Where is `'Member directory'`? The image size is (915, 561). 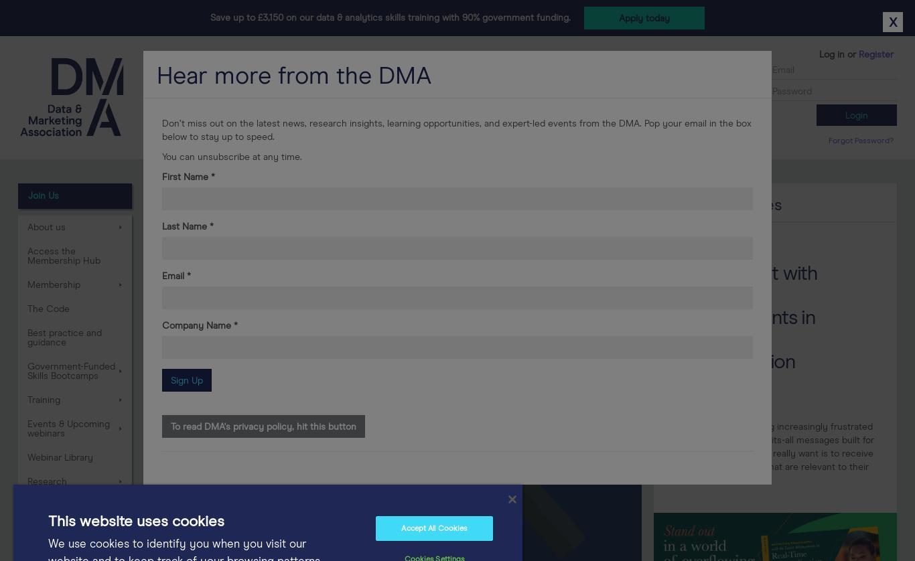
'Member directory' is located at coordinates (527, 139).